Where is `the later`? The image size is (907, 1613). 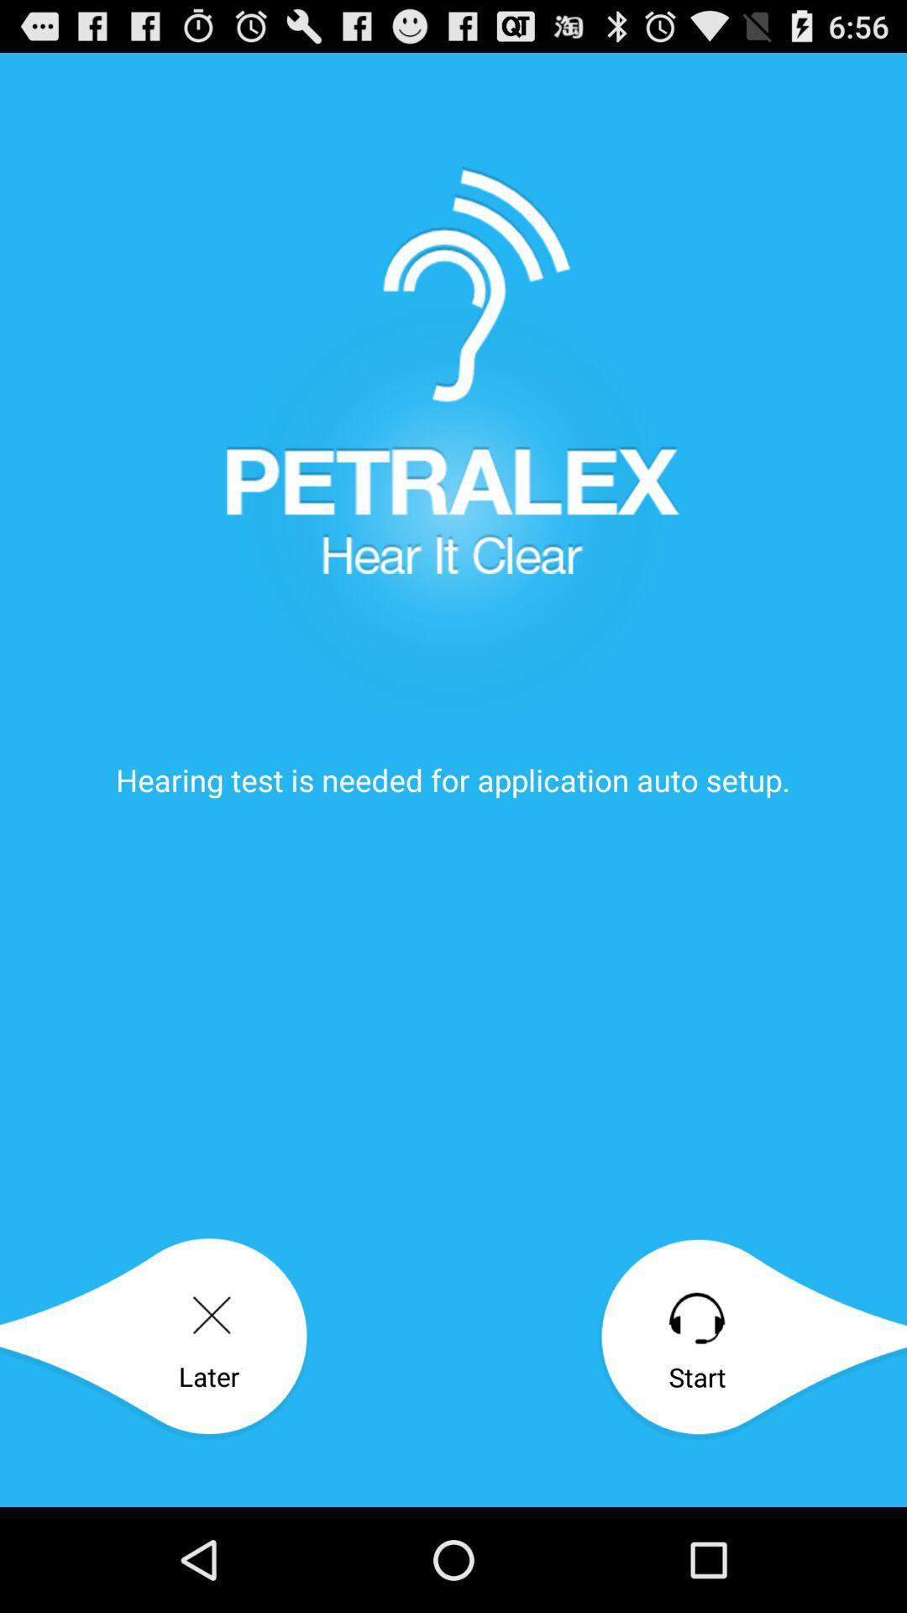
the later is located at coordinates (154, 1337).